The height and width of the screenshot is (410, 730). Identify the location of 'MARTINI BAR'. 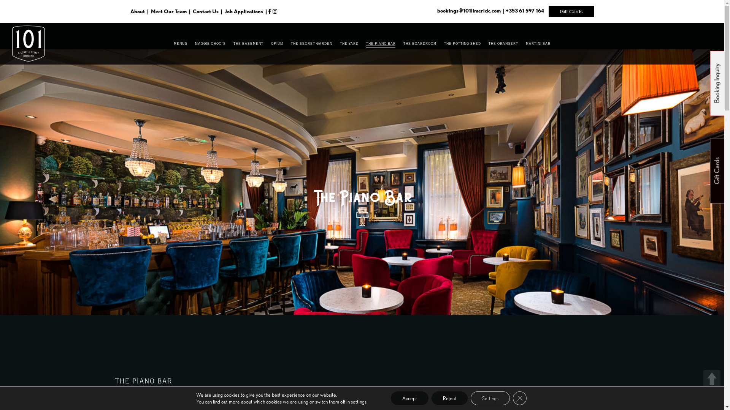
(538, 44).